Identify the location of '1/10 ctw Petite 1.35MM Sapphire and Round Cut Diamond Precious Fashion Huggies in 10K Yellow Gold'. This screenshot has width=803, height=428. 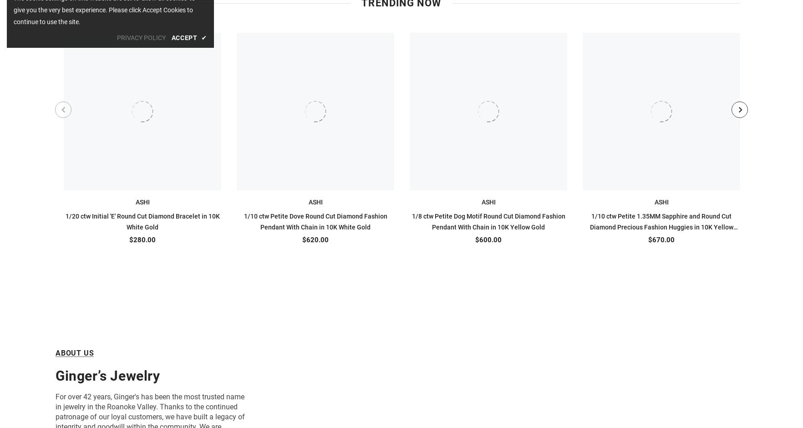
(661, 227).